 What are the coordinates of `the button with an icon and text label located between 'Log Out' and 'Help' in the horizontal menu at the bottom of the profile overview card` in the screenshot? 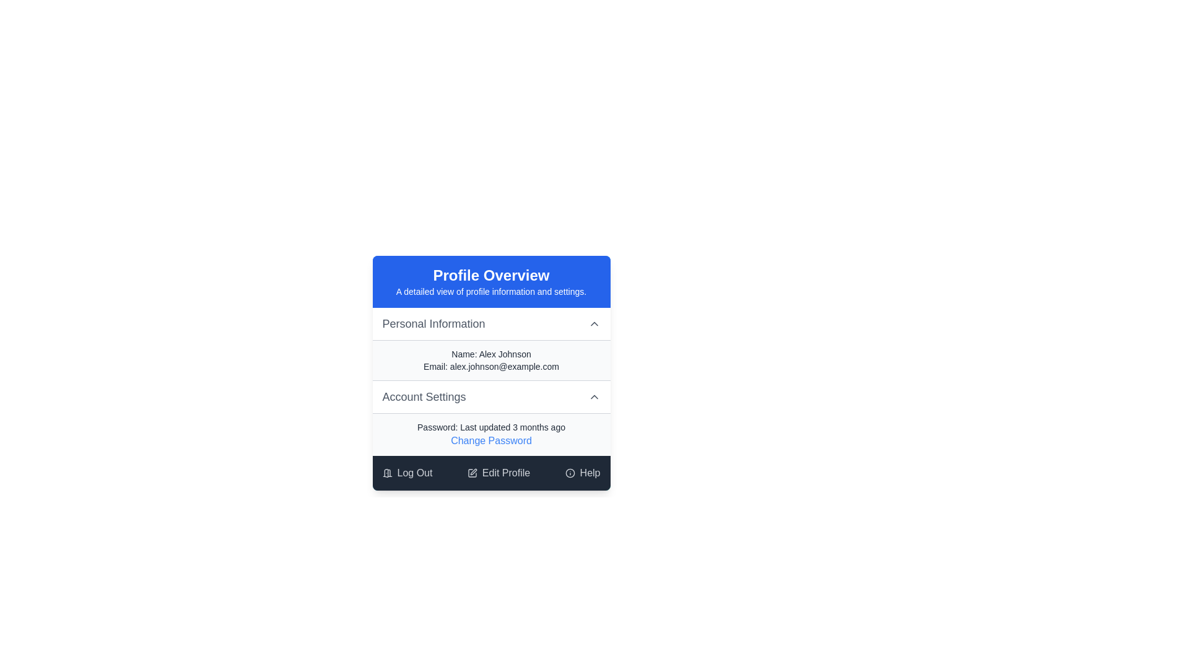 It's located at (499, 473).